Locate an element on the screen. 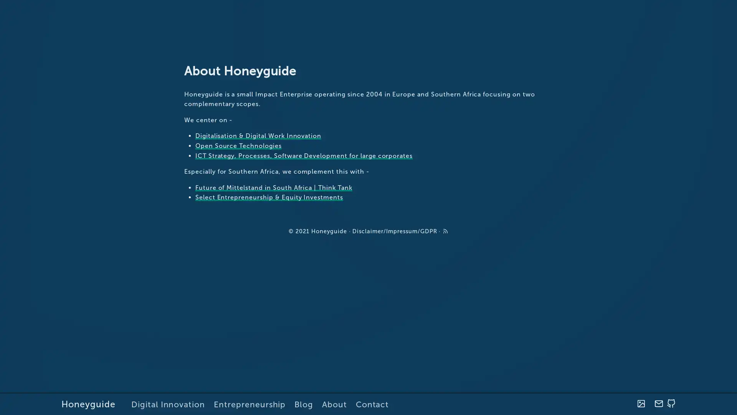 This screenshot has width=737, height=415. Featured Image is located at coordinates (641, 403).